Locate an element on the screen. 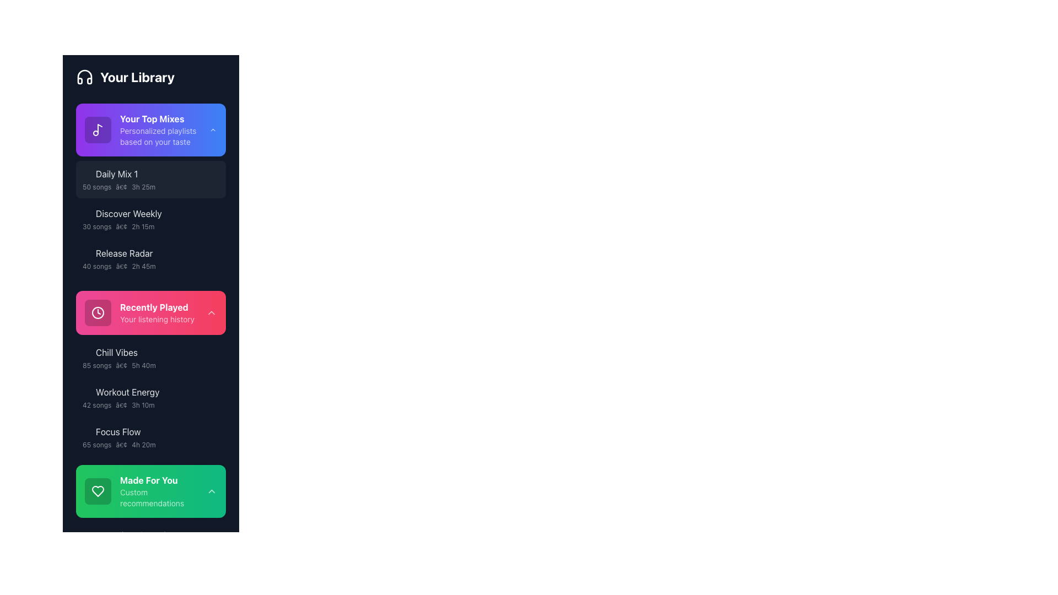  the downward chevron icon located in the bottom-right corner of the 'Made For You' section, which indicates an expandable or collapsible section is located at coordinates (212, 490).